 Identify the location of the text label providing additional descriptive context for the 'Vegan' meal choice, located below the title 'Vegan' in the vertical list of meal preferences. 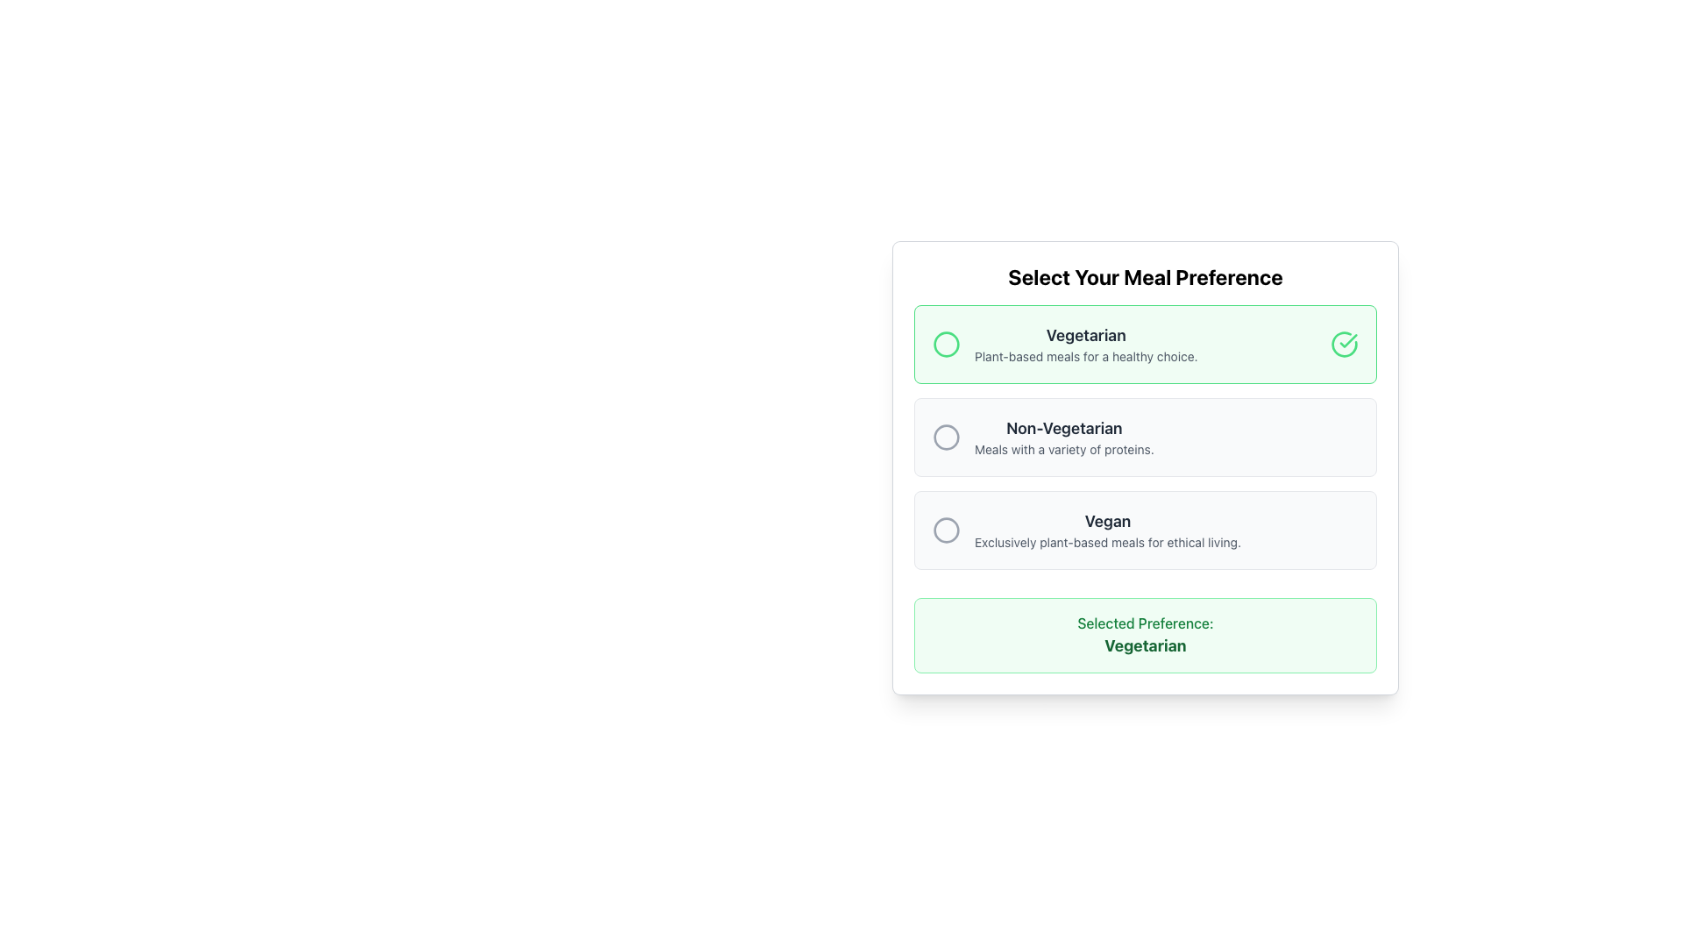
(1106, 541).